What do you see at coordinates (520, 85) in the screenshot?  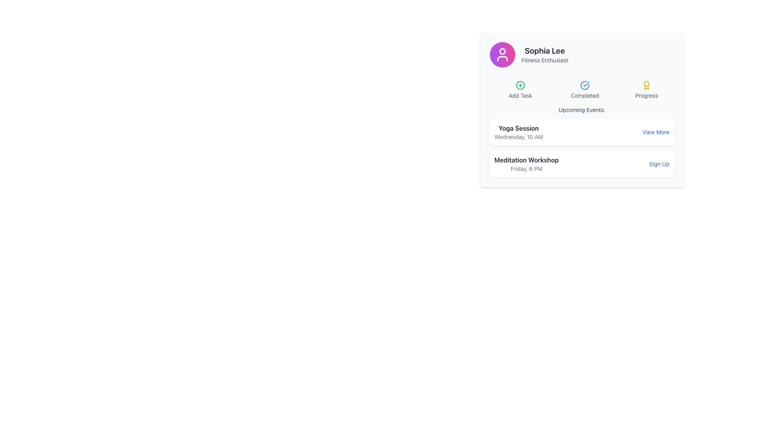 I see `the 'Add Task' icon, which is the leftmost icon at the top of the card interface, to initiate the addition of a new task` at bounding box center [520, 85].